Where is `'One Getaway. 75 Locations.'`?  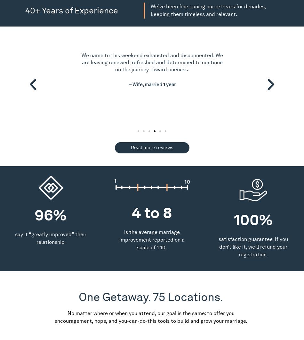 'One Getaway. 75 Locations.' is located at coordinates (150, 297).